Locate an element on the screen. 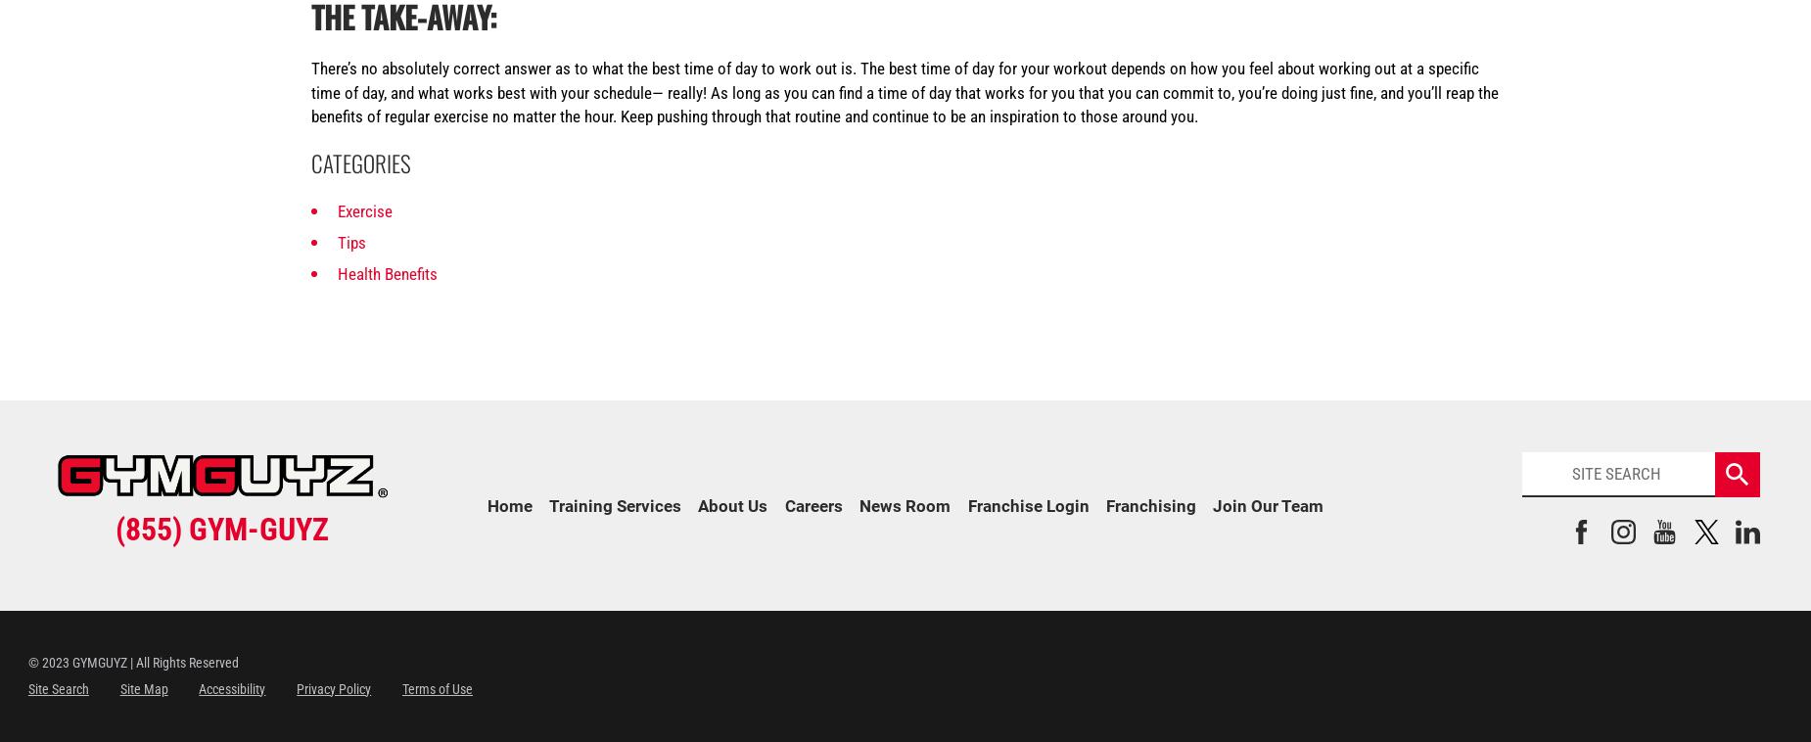 Image resolution: width=1811 pixels, height=742 pixels. 'Health Benefits' is located at coordinates (335, 273).